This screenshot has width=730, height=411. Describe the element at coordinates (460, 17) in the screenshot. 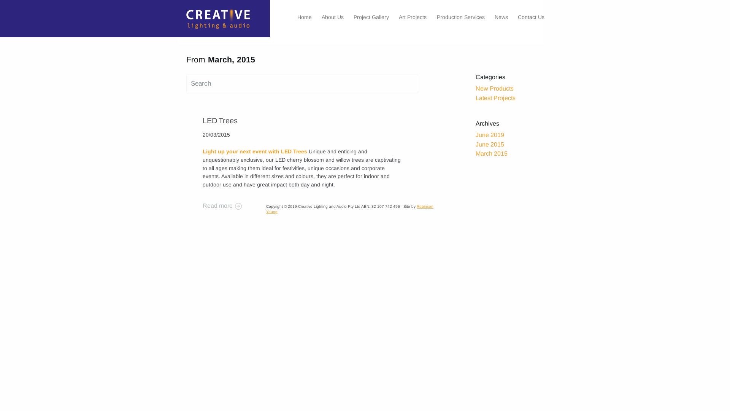

I see `'Production Services'` at that location.